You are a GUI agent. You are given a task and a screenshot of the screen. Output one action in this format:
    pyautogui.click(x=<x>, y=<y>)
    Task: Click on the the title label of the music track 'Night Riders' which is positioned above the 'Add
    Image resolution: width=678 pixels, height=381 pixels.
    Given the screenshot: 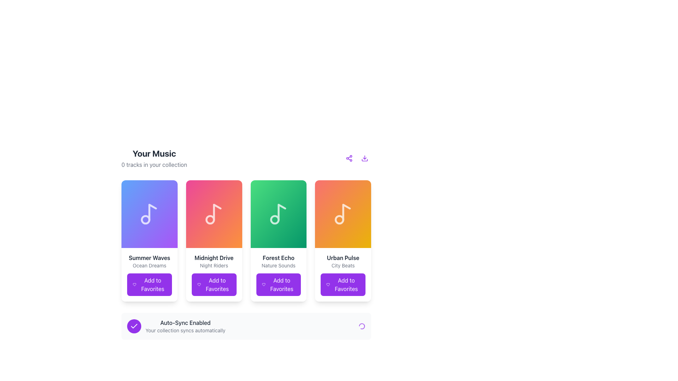 What is the action you would take?
    pyautogui.click(x=214, y=258)
    